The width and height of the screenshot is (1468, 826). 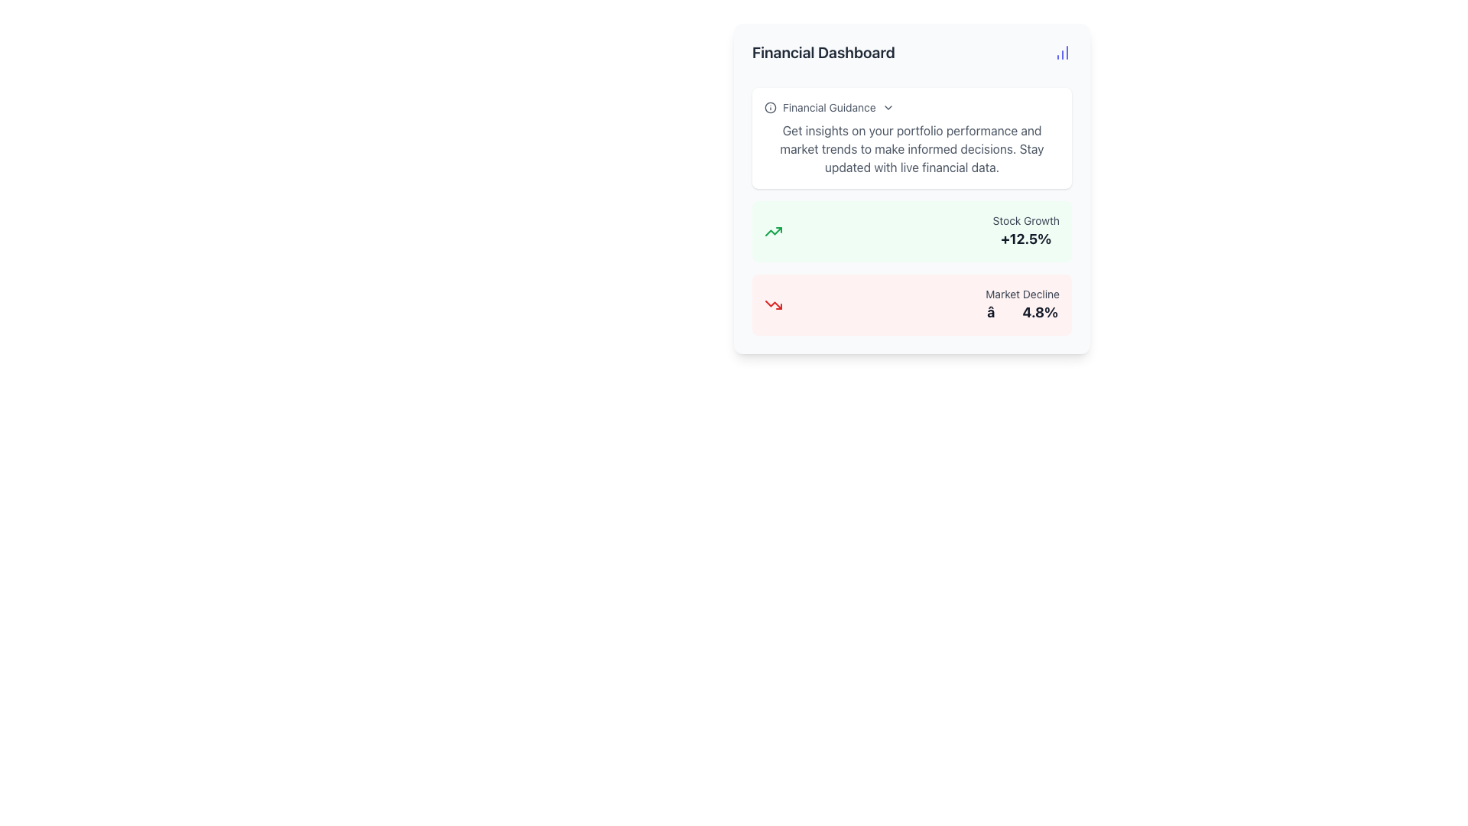 What do you see at coordinates (774, 304) in the screenshot?
I see `the market decline icon located in the bottom-left corner of the 'Market Decline -4.8%' section within the Financial Dashboard` at bounding box center [774, 304].